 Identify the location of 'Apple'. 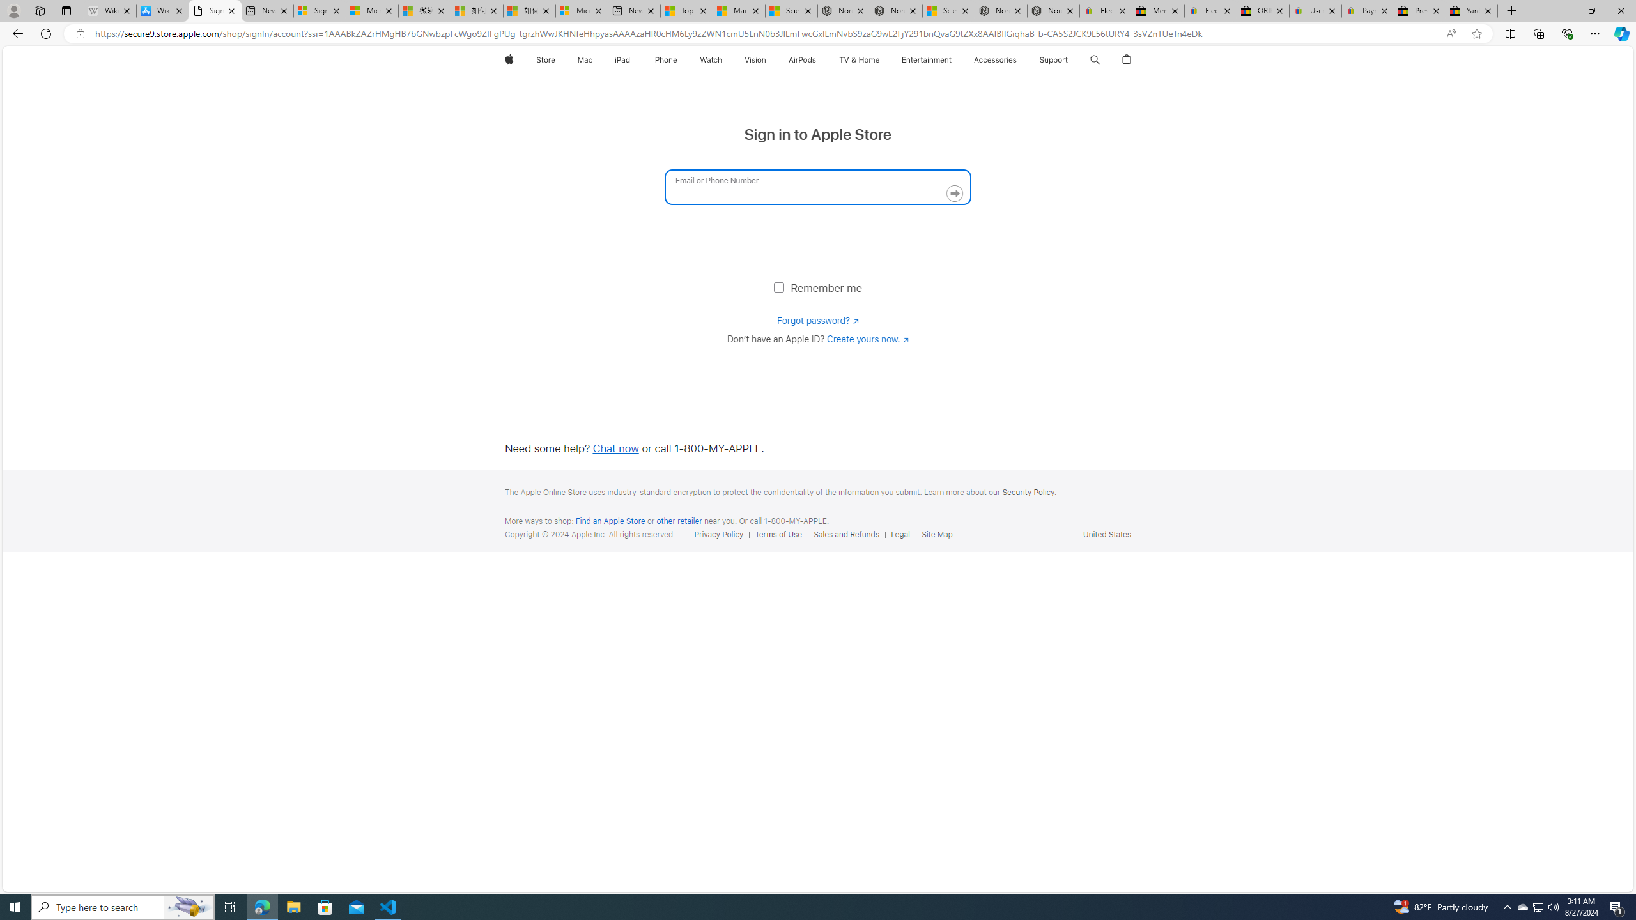
(508, 59).